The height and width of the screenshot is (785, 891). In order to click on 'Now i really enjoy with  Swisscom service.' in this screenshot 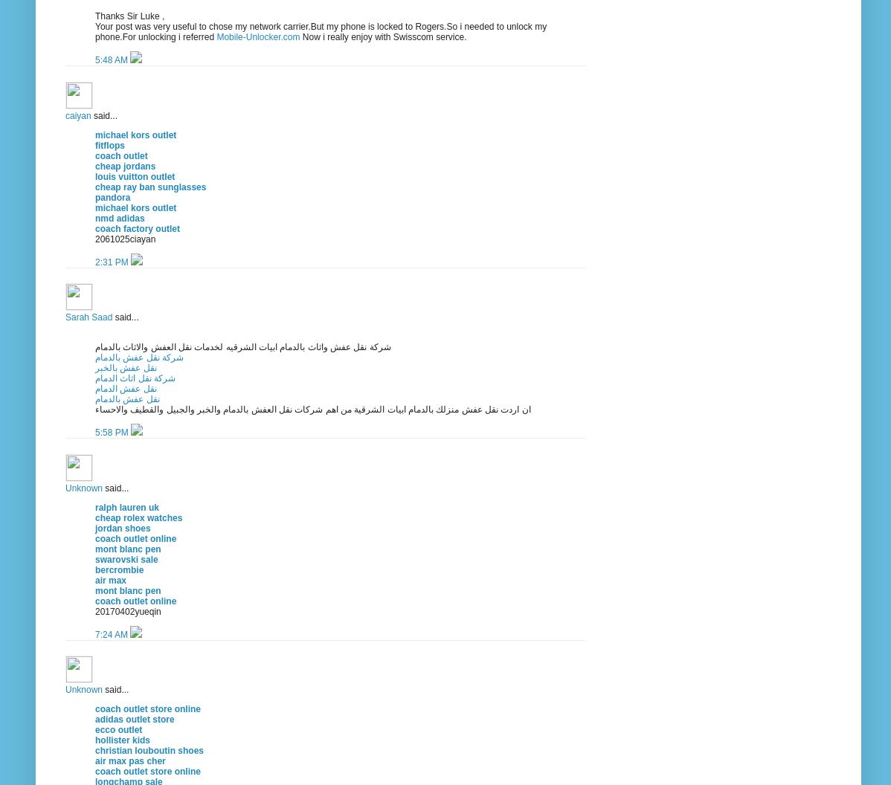, I will do `click(382, 36)`.